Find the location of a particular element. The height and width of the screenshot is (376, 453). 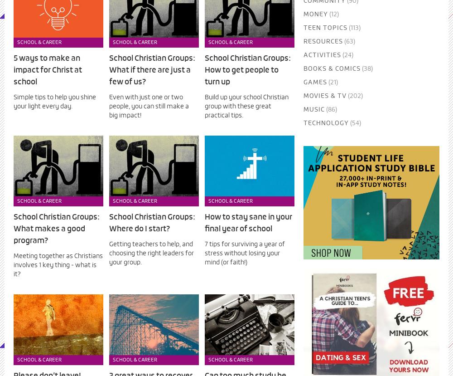

'7 tips for surviving a year of stress without losing your mind (or faith!)' is located at coordinates (245, 253).